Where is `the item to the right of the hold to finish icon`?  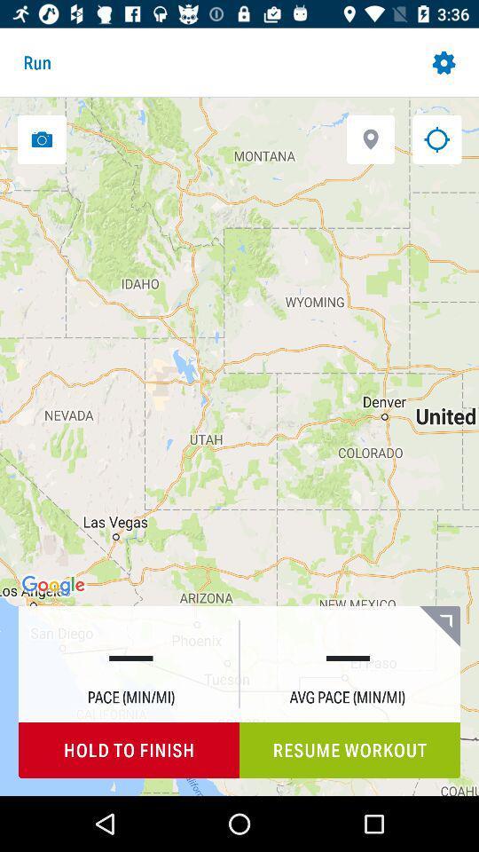 the item to the right of the hold to finish icon is located at coordinates (349, 749).